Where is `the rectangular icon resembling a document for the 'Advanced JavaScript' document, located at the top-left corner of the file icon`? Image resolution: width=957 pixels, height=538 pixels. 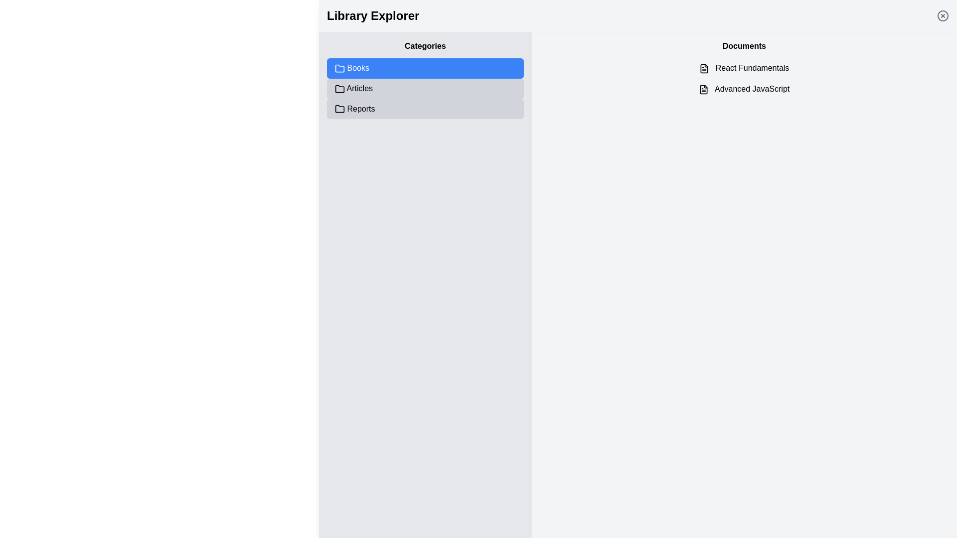 the rectangular icon resembling a document for the 'Advanced JavaScript' document, located at the top-left corner of the file icon is located at coordinates (703, 89).